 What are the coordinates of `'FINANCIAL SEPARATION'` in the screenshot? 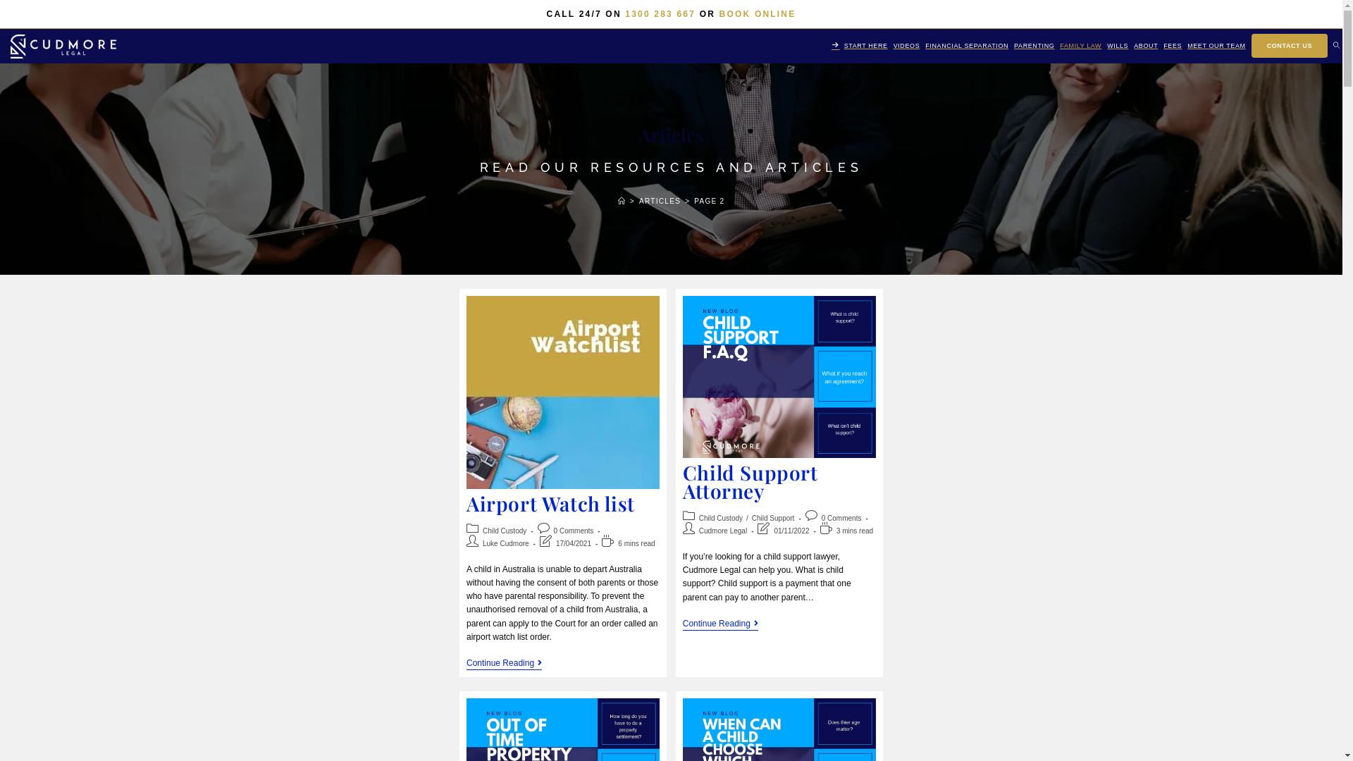 It's located at (966, 45).